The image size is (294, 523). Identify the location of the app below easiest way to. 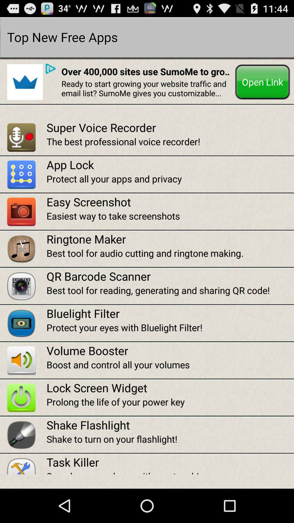
(170, 239).